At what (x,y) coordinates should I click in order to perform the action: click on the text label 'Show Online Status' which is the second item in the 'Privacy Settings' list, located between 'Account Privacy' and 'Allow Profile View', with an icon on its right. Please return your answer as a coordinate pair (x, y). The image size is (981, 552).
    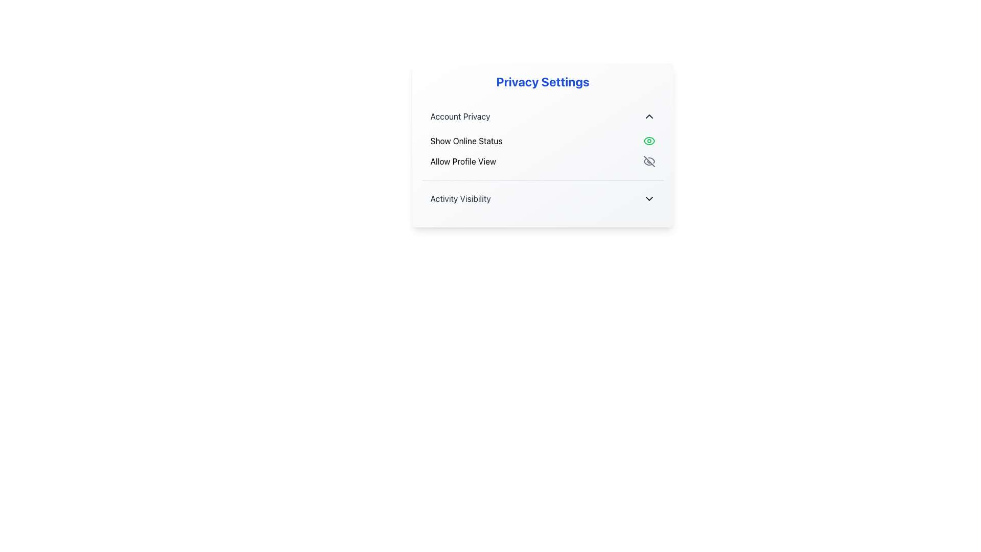
    Looking at the image, I should click on (465, 141).